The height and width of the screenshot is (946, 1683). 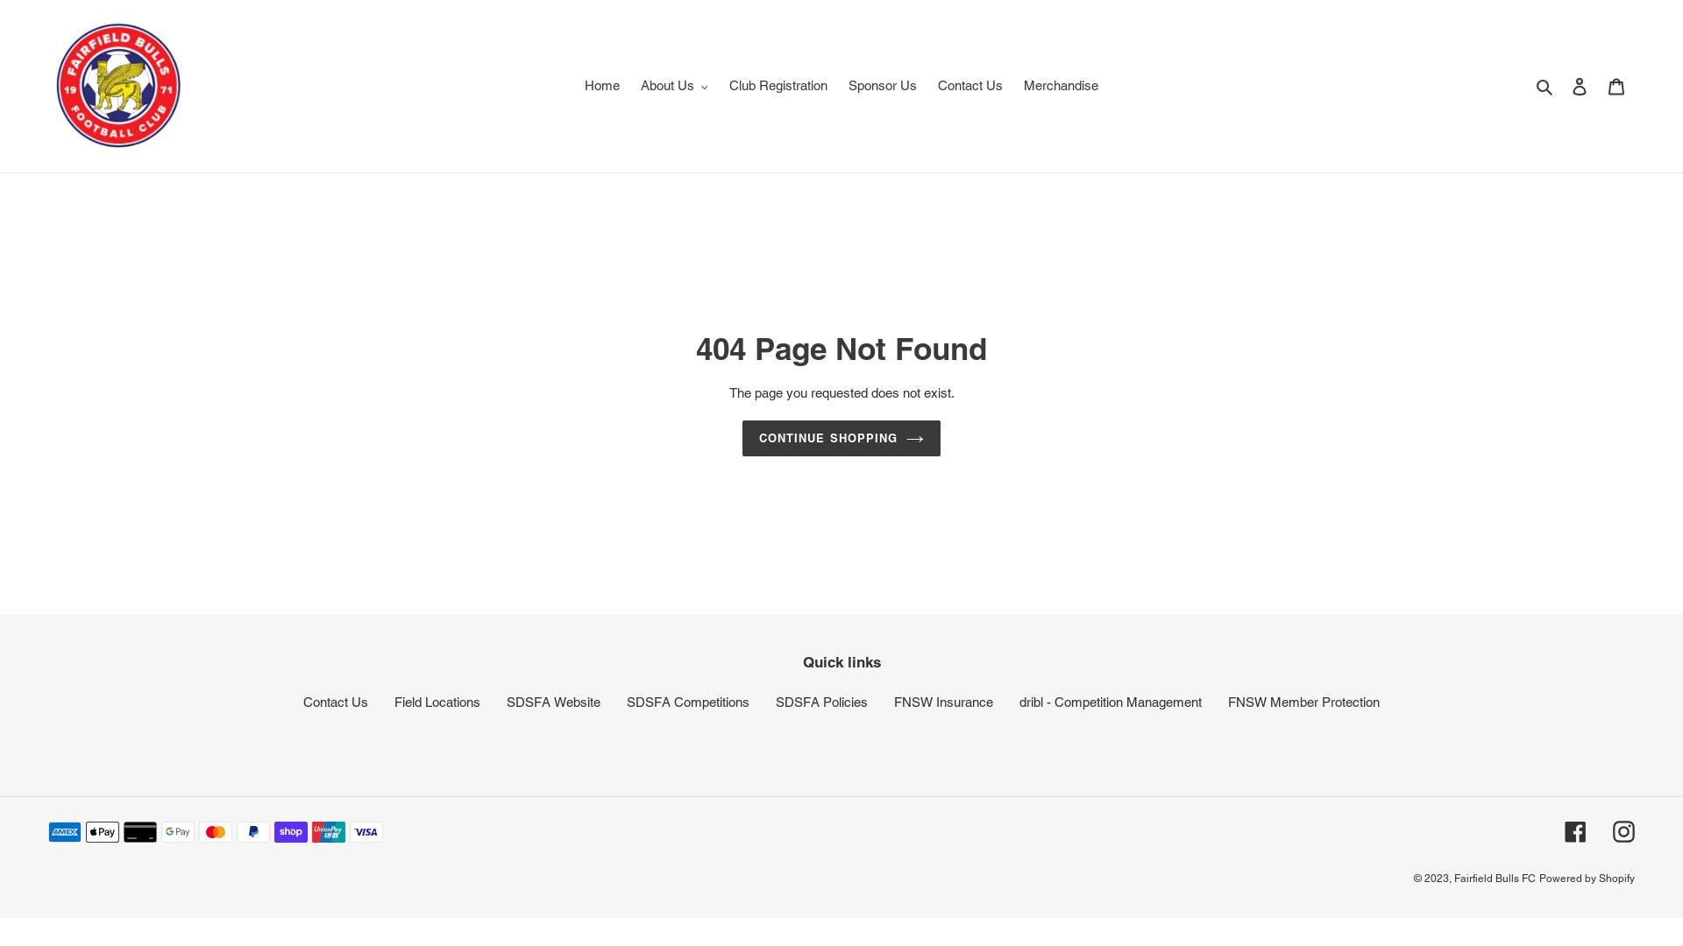 I want to click on 'Club Registration', so click(x=778, y=86).